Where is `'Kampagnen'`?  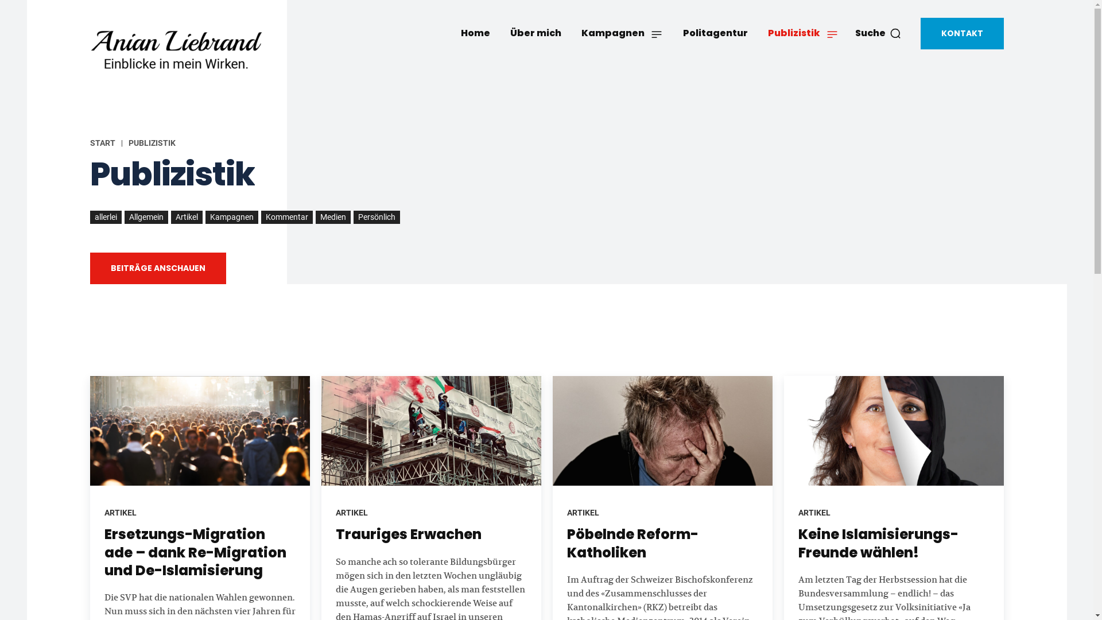
'Kampagnen' is located at coordinates (231, 217).